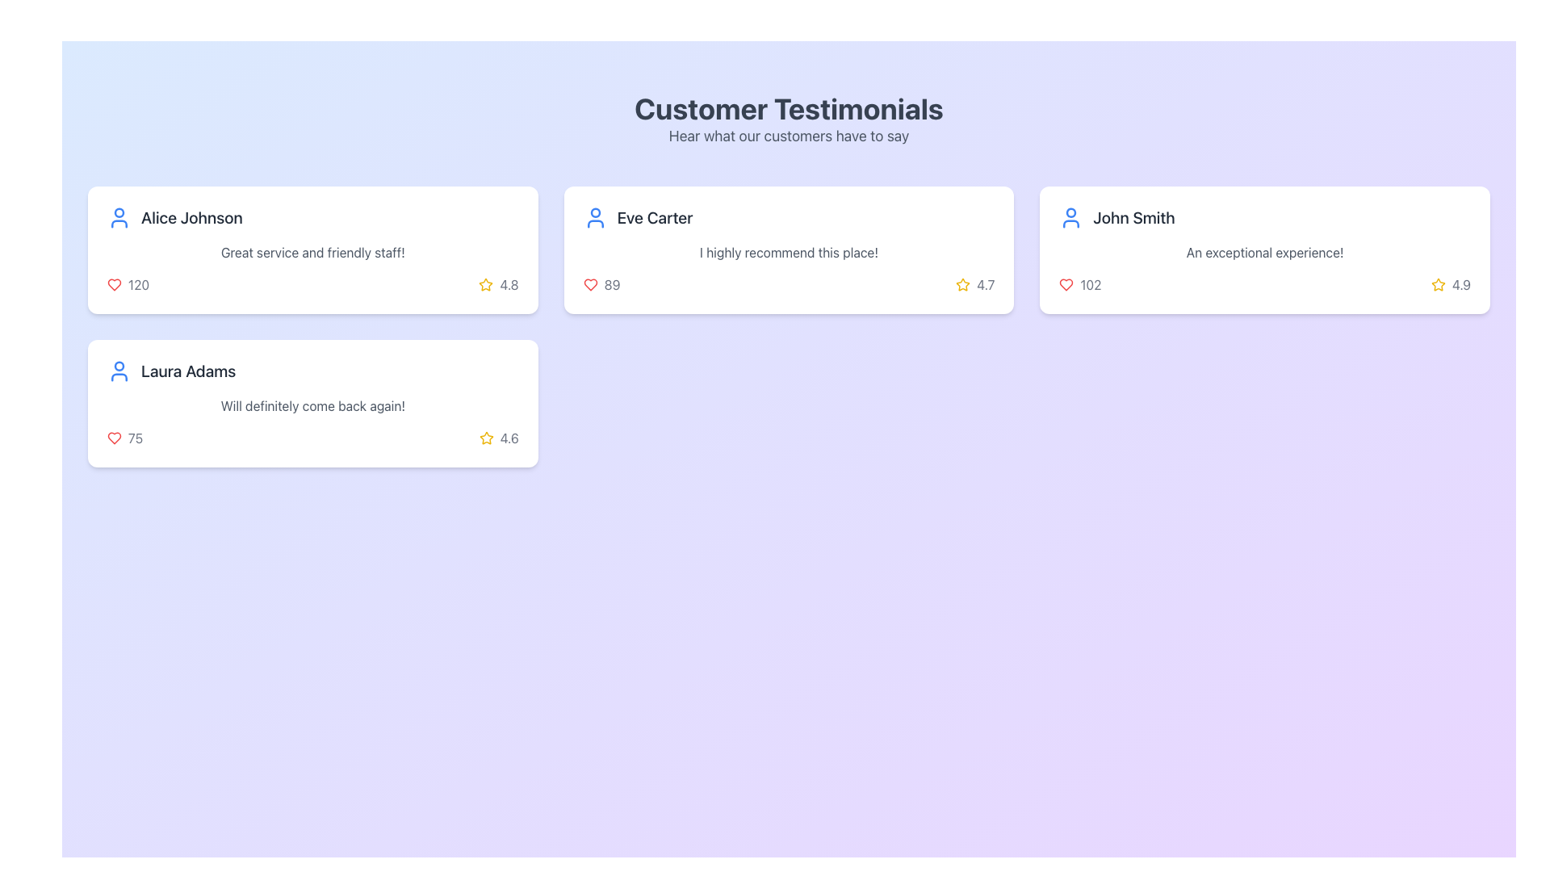 The width and height of the screenshot is (1550, 872). What do you see at coordinates (589, 284) in the screenshot?
I see `the heart icon representing the 'like' action for the testimonial of 'Eve Carter', which is located to the left of the numeric '89'` at bounding box center [589, 284].